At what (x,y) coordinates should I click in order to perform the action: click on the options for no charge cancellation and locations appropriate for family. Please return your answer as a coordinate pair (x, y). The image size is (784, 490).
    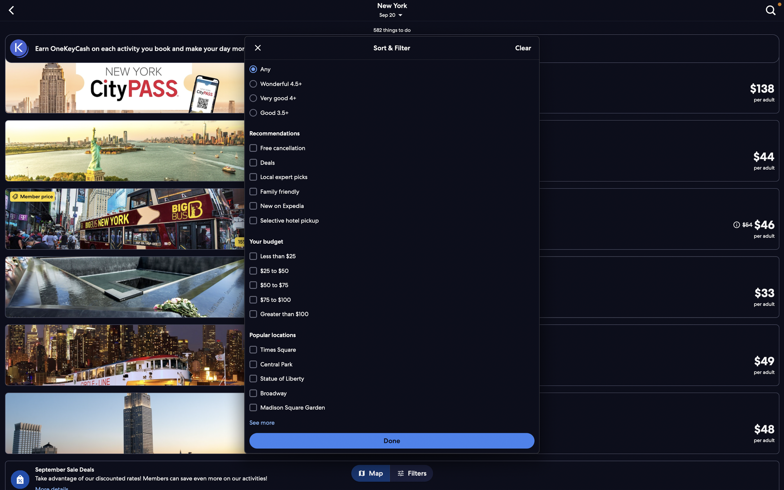
    Looking at the image, I should click on (390, 148).